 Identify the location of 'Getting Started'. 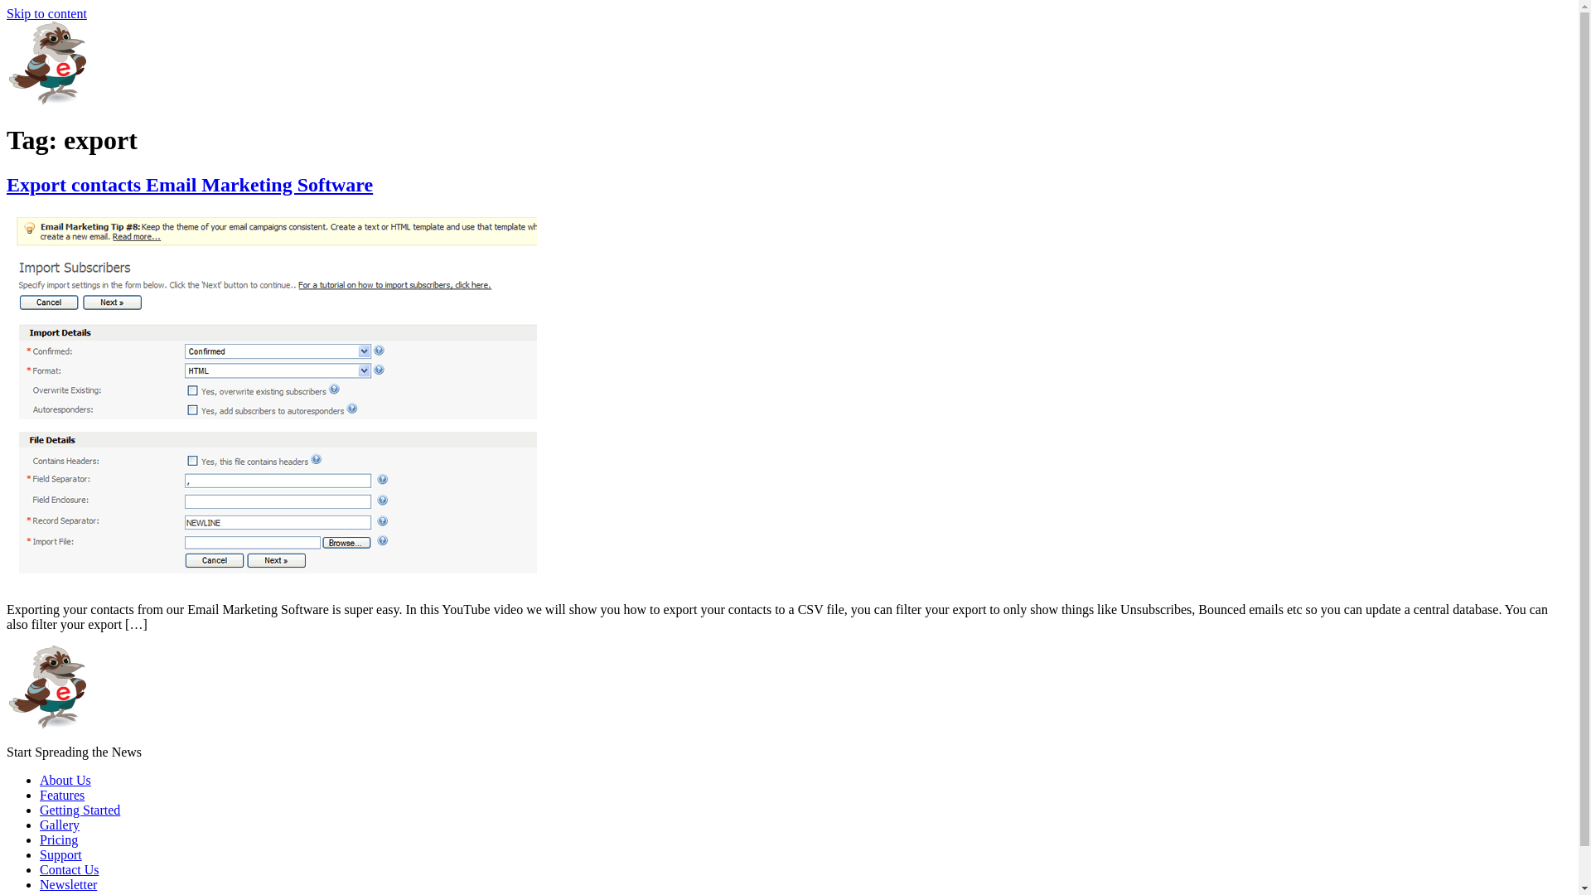
(40, 809).